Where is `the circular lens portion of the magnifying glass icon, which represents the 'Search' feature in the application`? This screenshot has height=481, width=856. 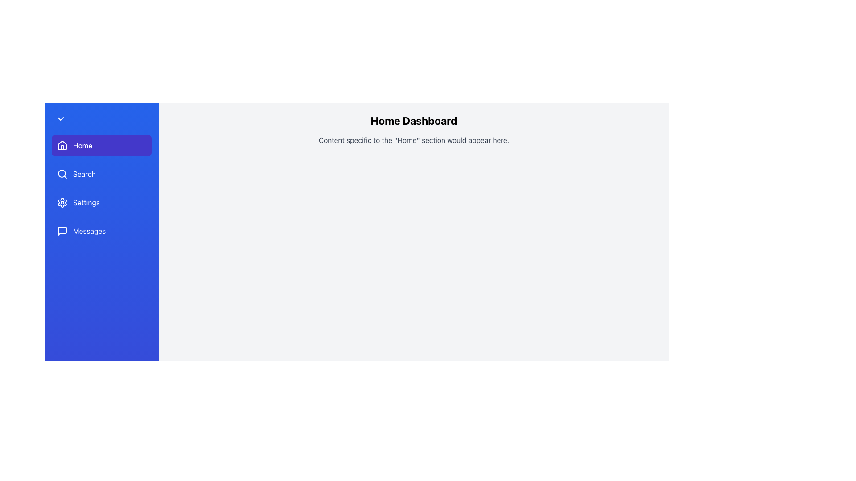 the circular lens portion of the magnifying glass icon, which represents the 'Search' feature in the application is located at coordinates (62, 173).